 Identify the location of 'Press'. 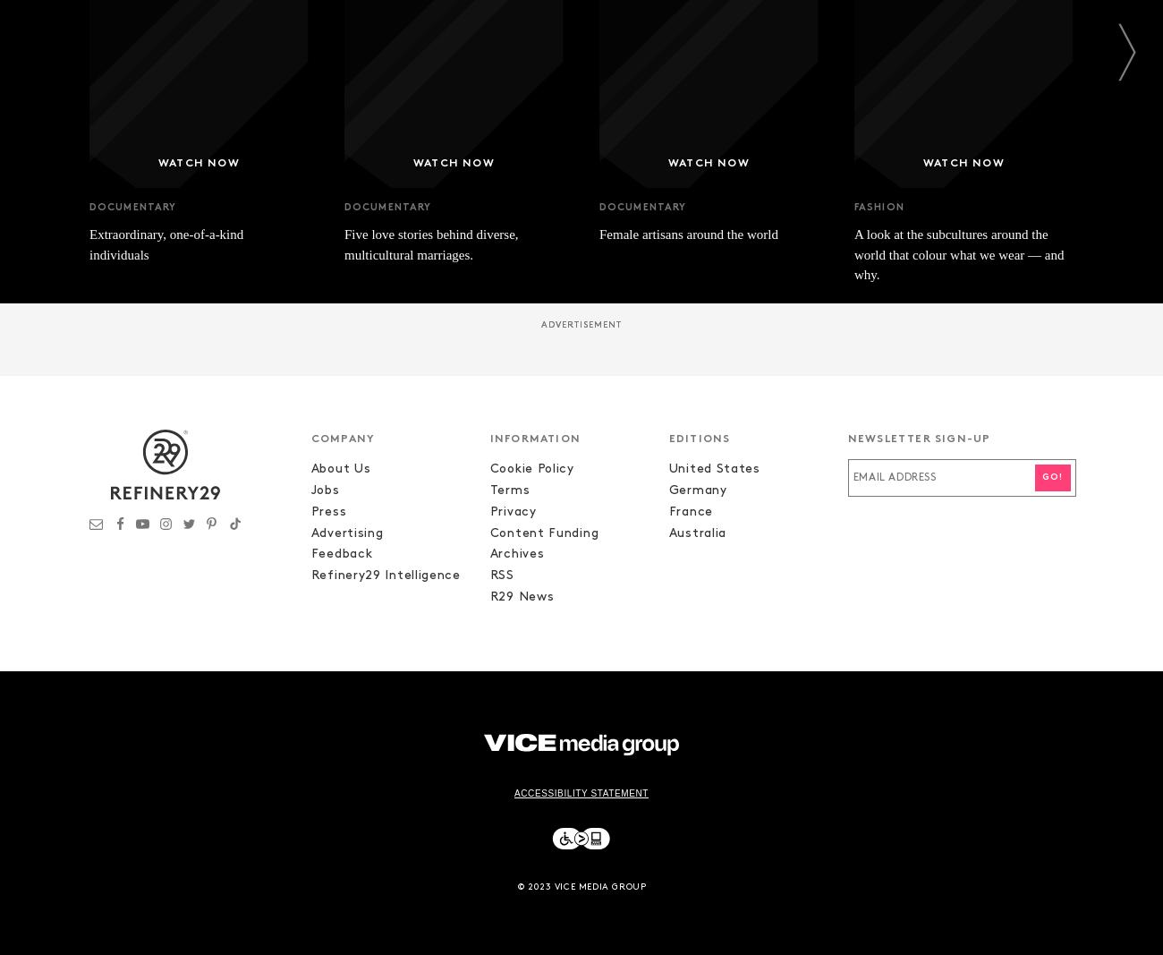
(327, 511).